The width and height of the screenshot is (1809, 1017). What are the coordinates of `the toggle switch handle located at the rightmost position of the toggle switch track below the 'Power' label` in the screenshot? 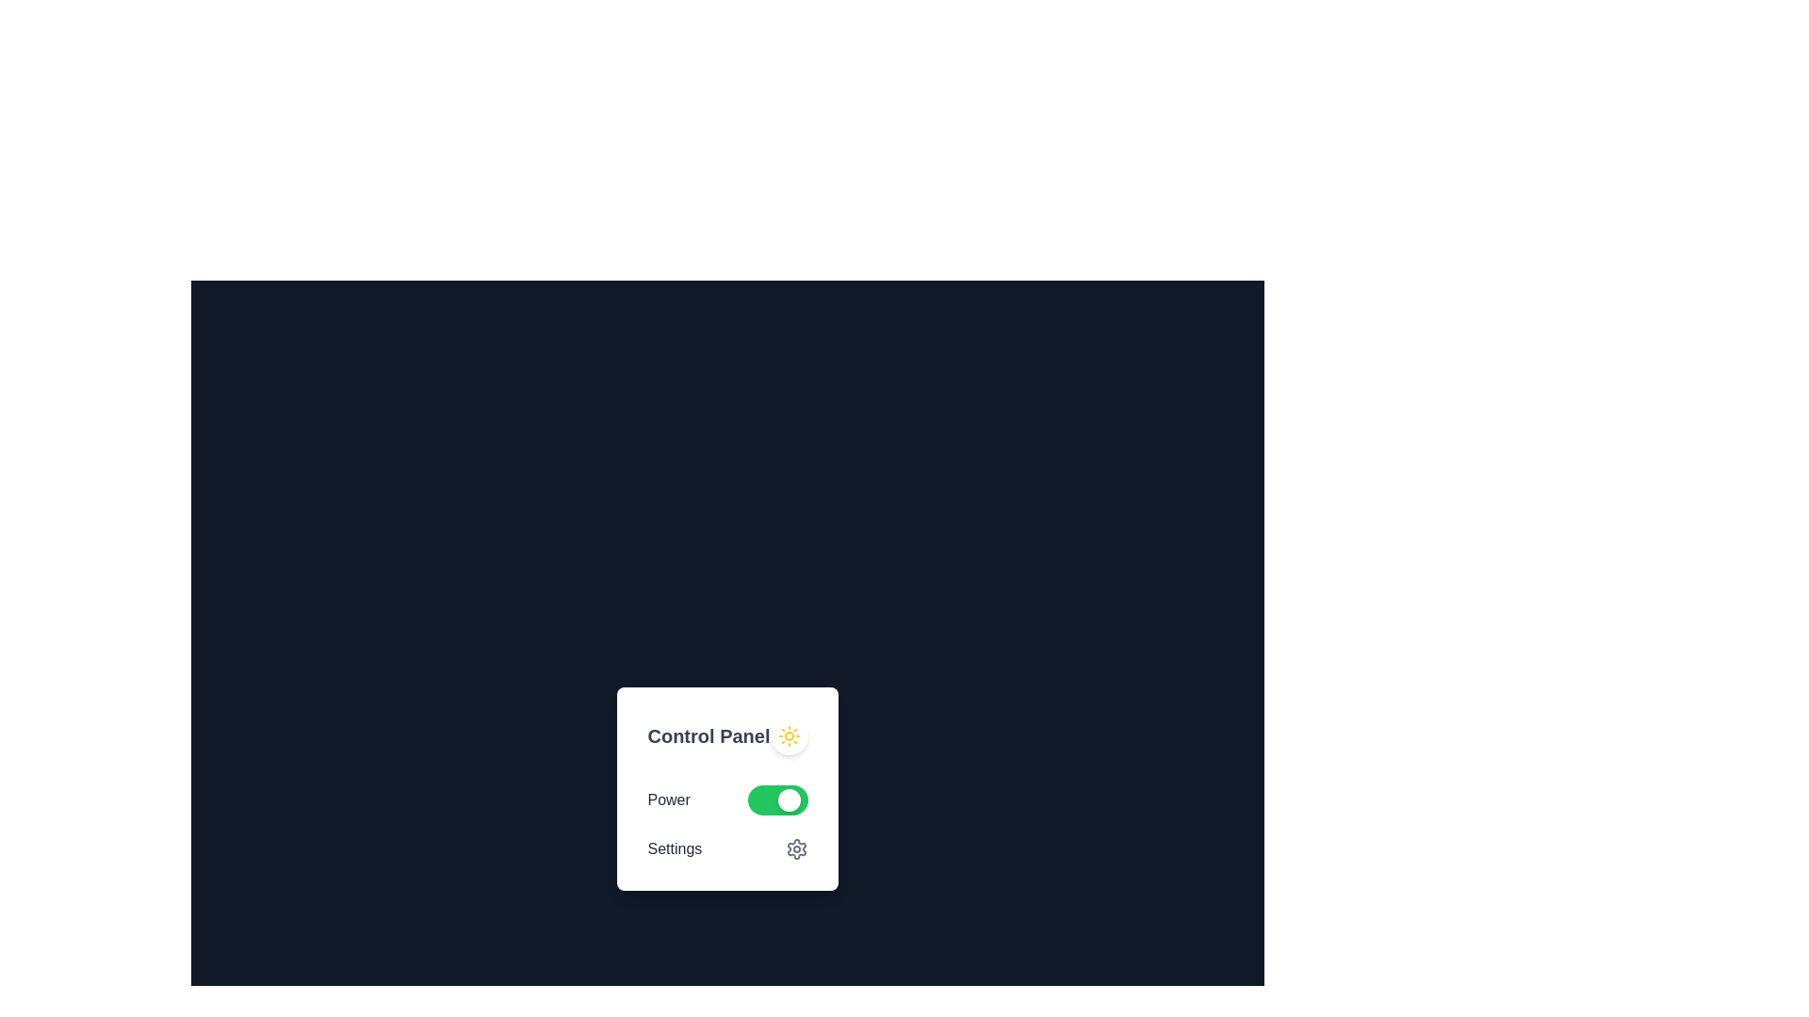 It's located at (789, 799).